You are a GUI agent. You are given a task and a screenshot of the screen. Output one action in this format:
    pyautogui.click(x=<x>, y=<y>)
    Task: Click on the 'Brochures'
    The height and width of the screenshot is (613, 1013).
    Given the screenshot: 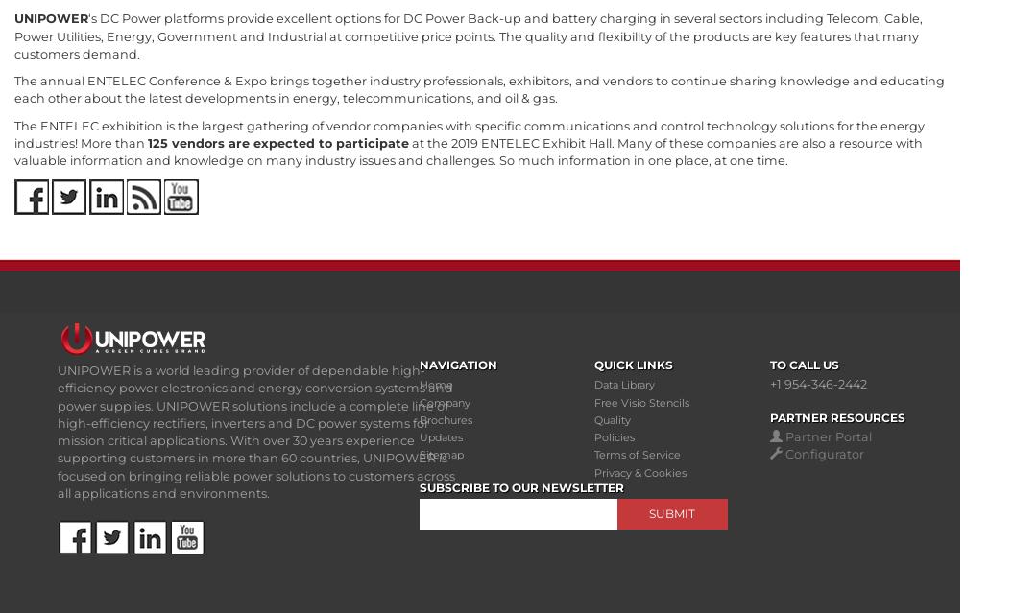 What is the action you would take?
    pyautogui.click(x=444, y=419)
    